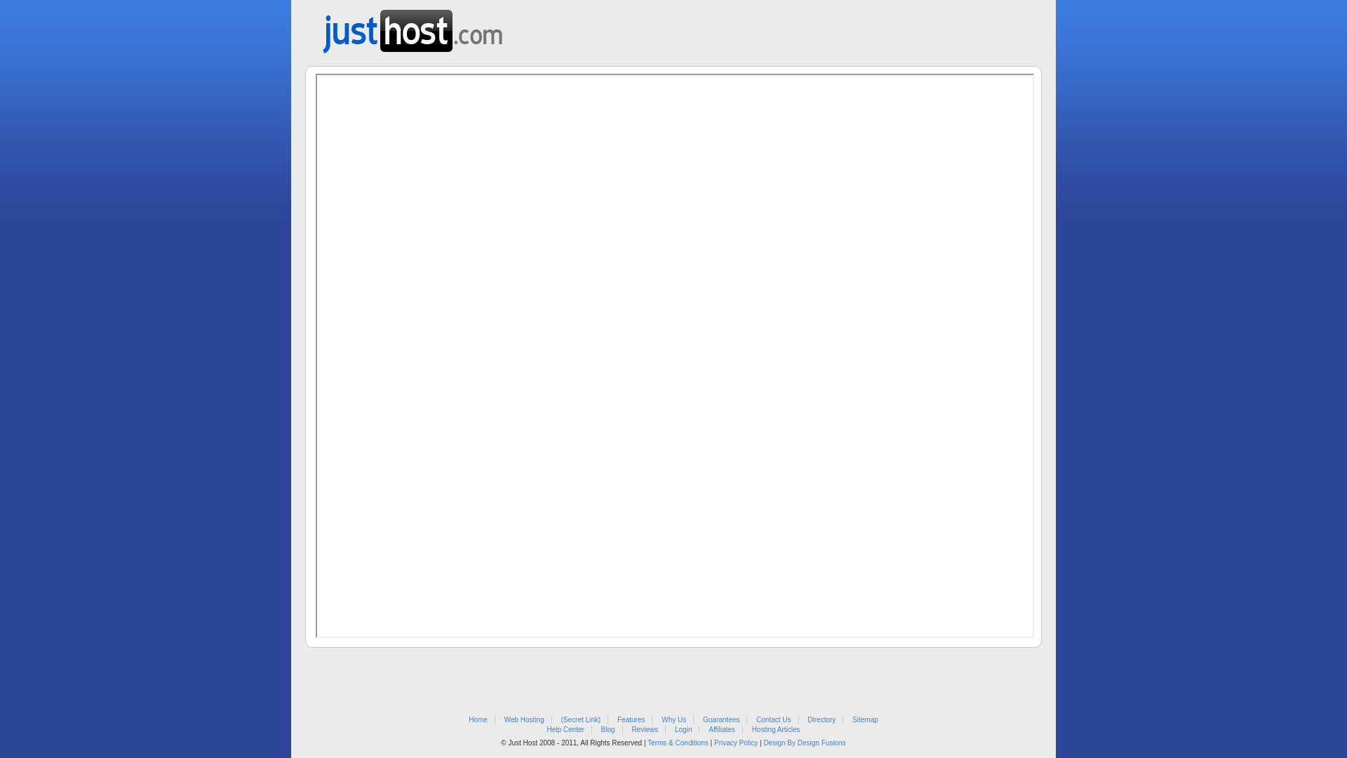 This screenshot has height=758, width=1347. I want to click on 'Design By Design Fusions', so click(763, 742).